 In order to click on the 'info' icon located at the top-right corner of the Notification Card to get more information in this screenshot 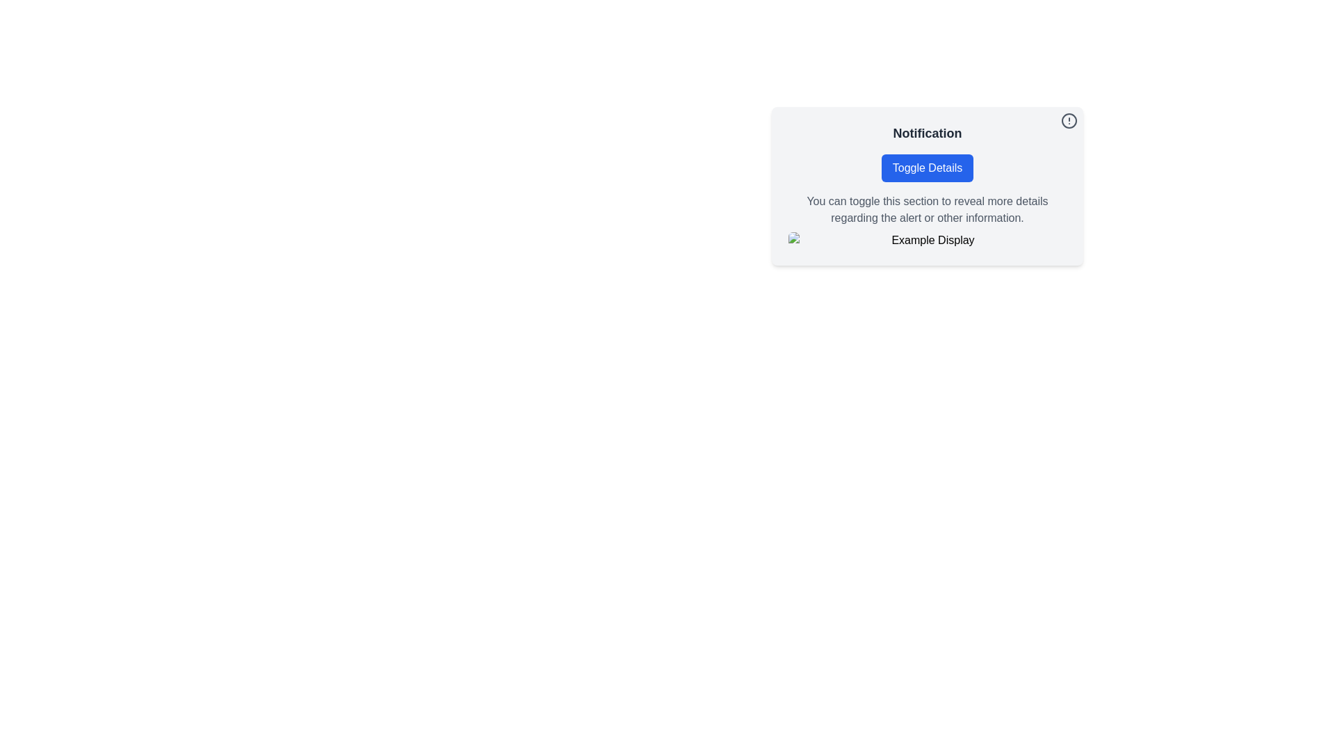, I will do `click(928, 185)`.